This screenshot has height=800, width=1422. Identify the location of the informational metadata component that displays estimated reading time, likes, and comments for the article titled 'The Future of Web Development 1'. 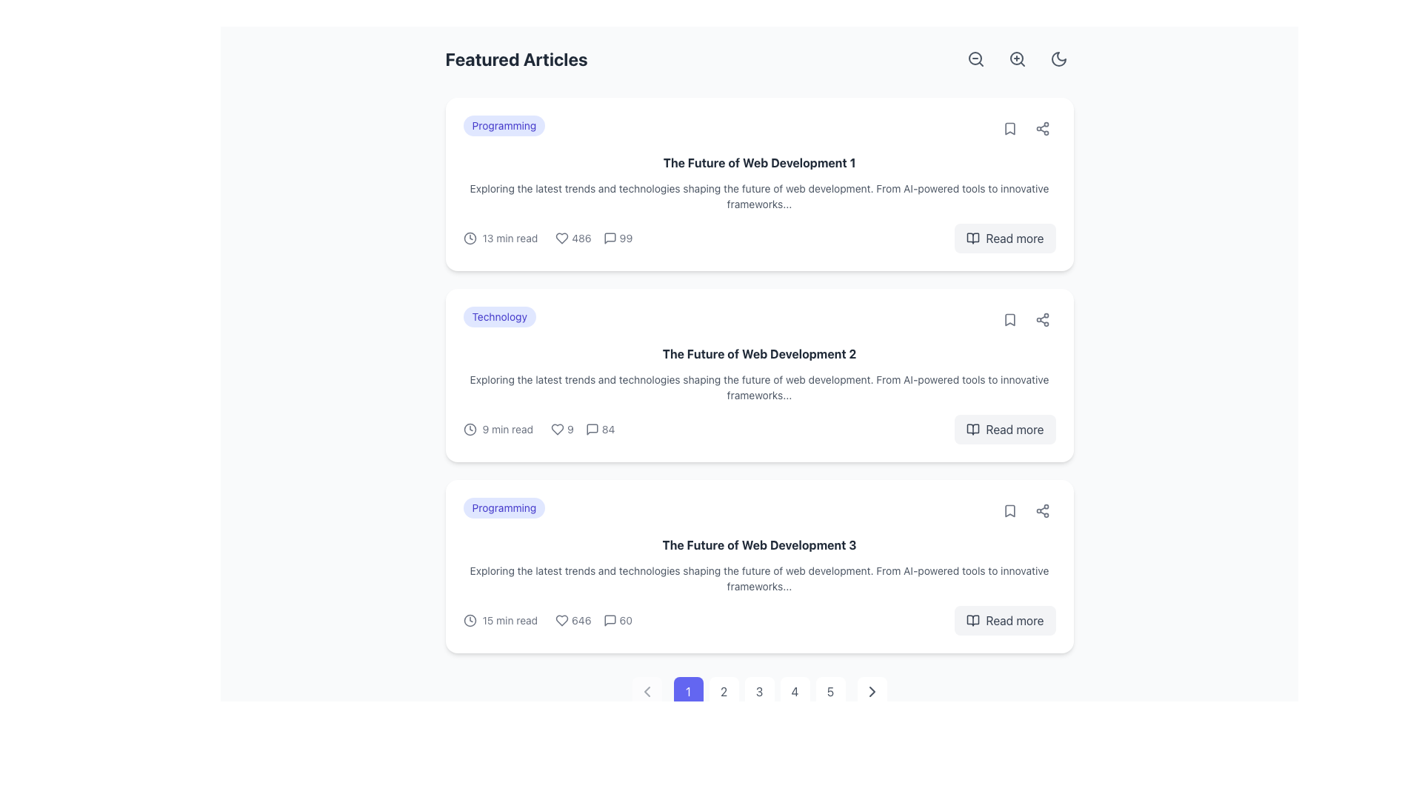
(547, 237).